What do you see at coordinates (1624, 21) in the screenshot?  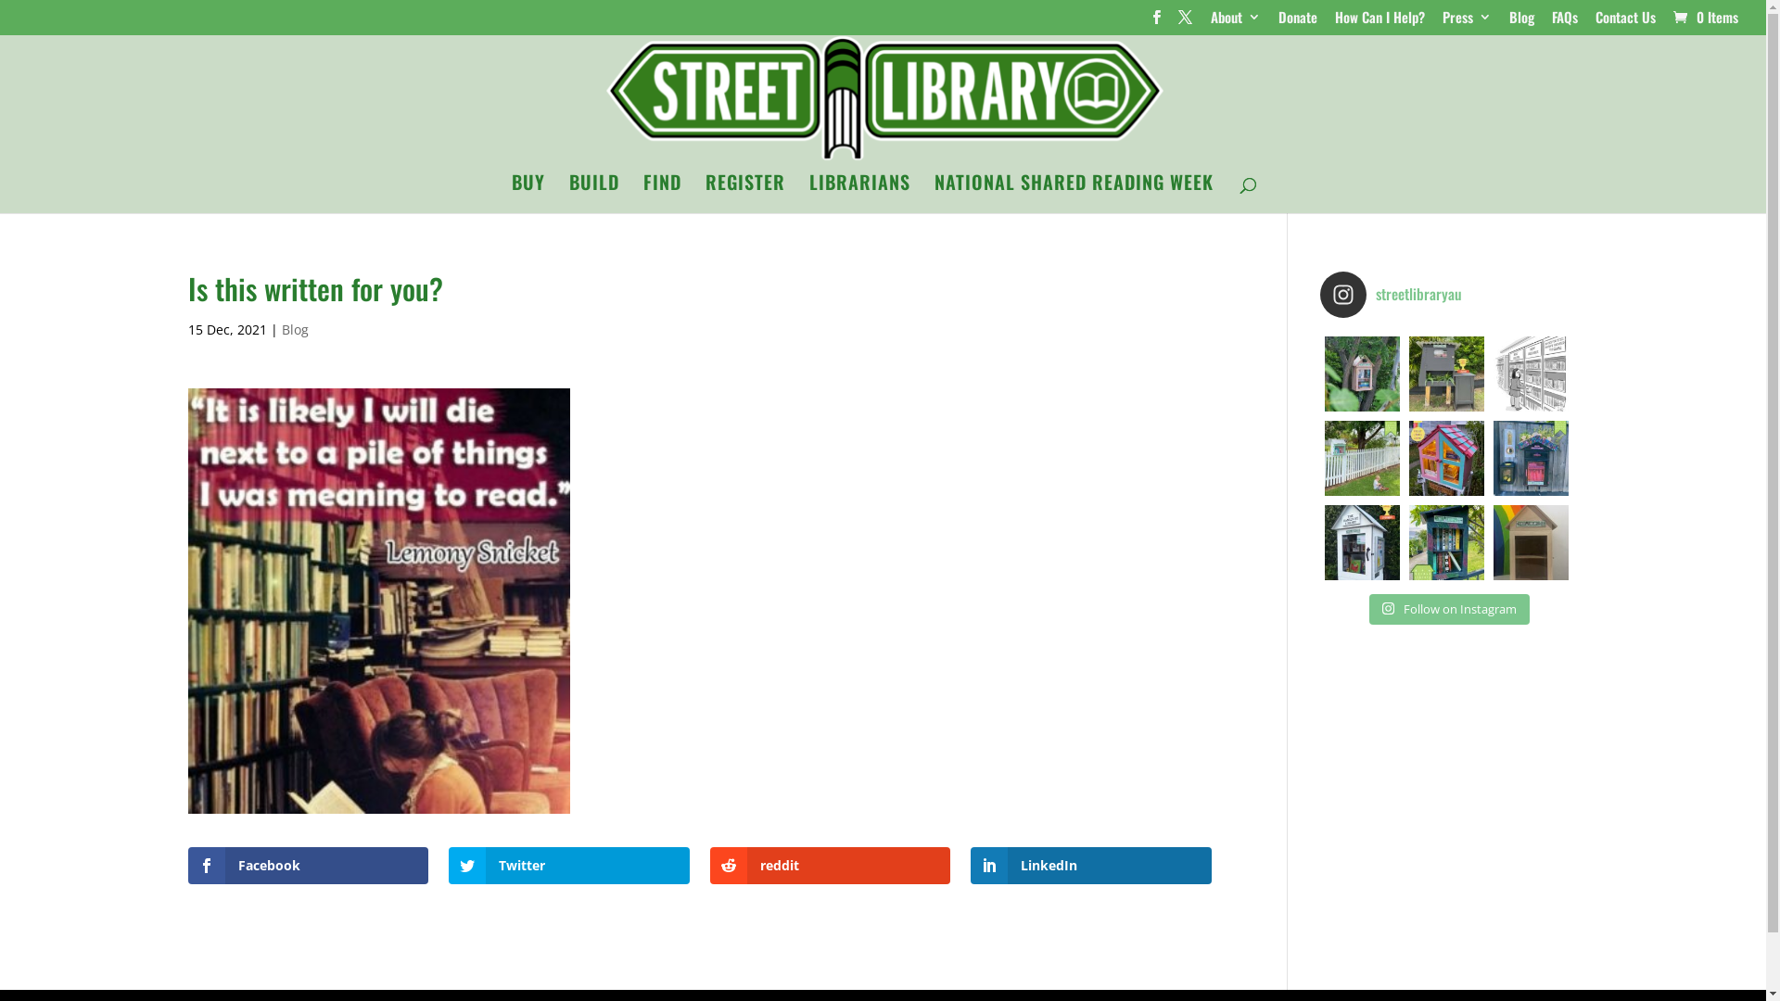 I see `'Contact Us'` at bounding box center [1624, 21].